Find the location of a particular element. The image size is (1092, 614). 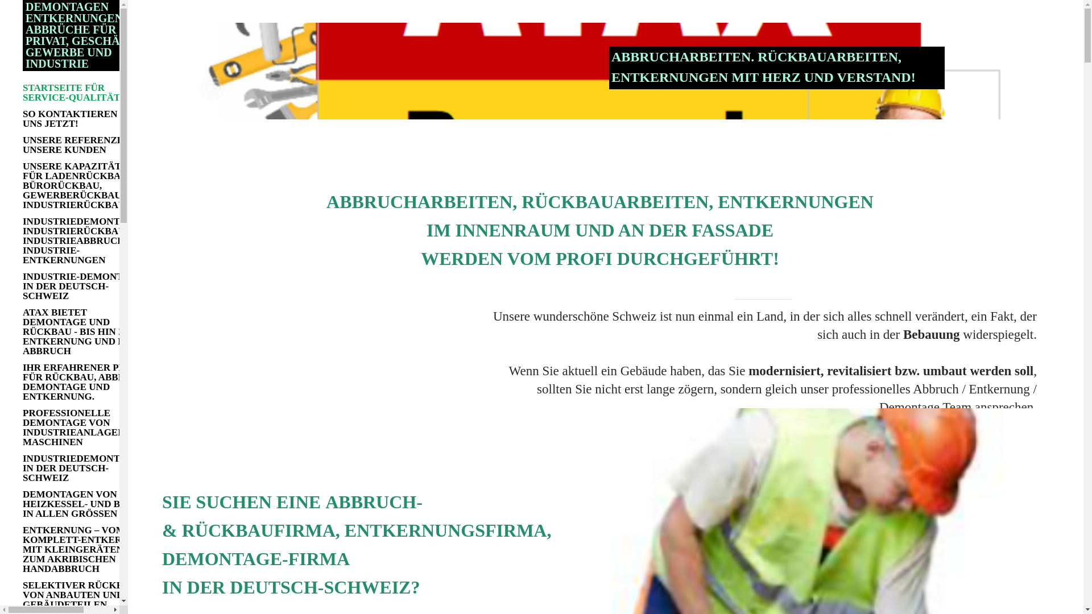

'UNSERE REFERENZEN, UNSERE KUNDEN' is located at coordinates (86, 144).